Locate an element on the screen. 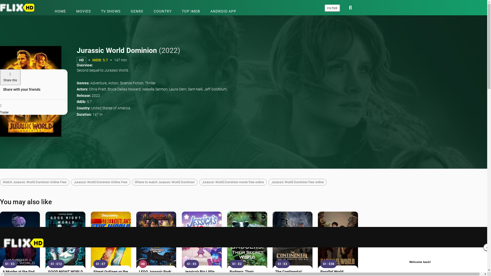 This screenshot has width=491, height=276. 'Isabella Sermon' is located at coordinates (154, 89).